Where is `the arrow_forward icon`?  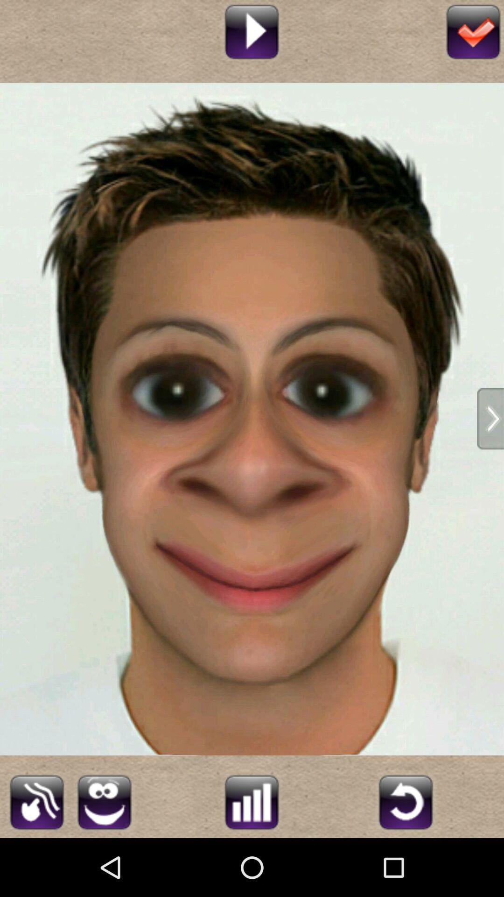 the arrow_forward icon is located at coordinates (490, 448).